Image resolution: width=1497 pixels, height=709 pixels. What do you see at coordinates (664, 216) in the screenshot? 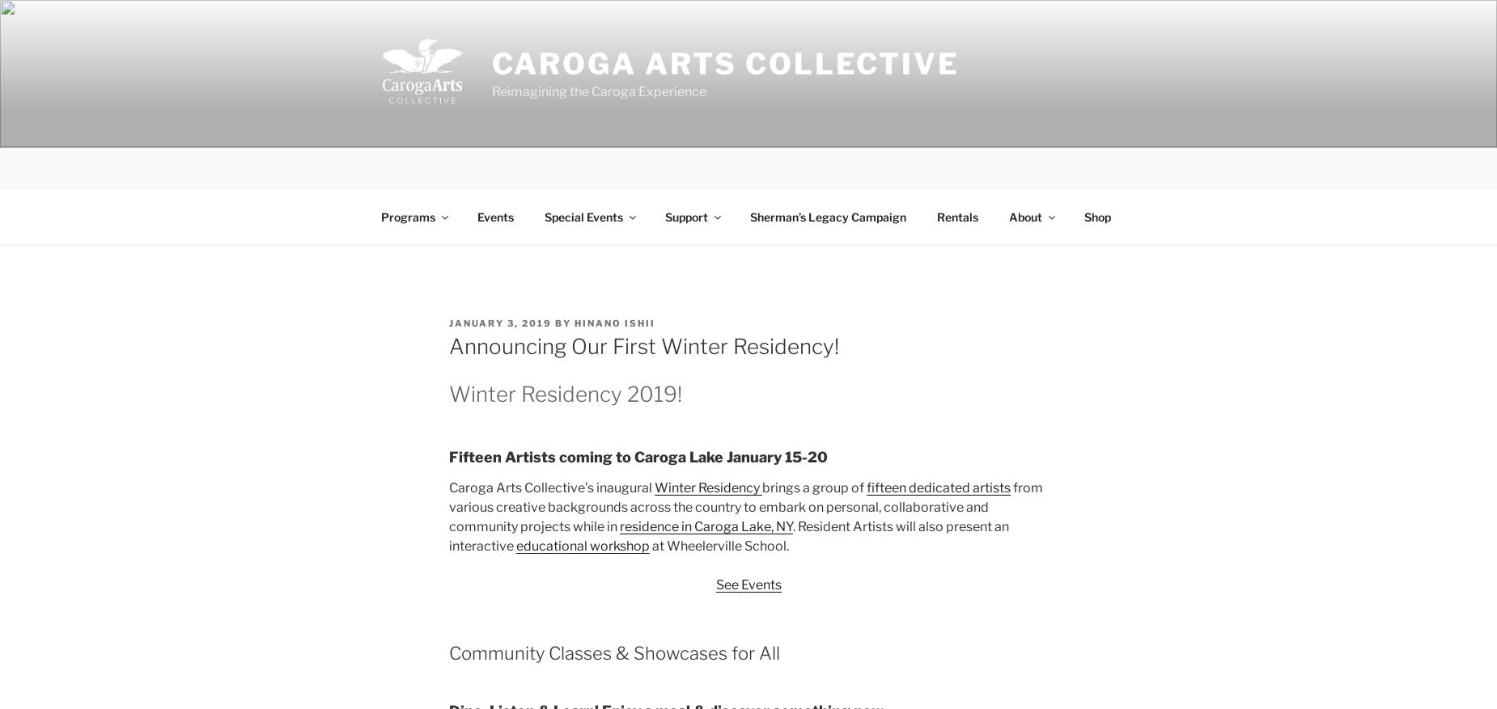
I see `'Support'` at bounding box center [664, 216].